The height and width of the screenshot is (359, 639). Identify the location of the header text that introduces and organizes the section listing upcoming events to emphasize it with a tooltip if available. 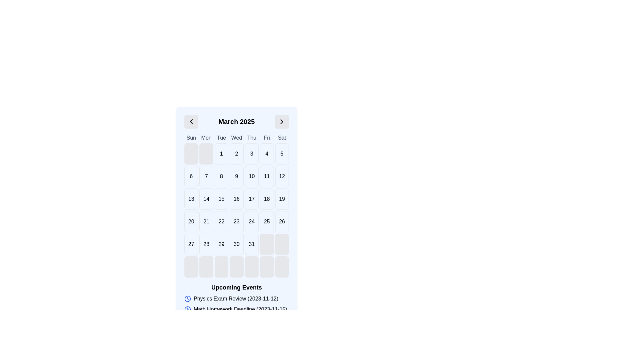
(236, 287).